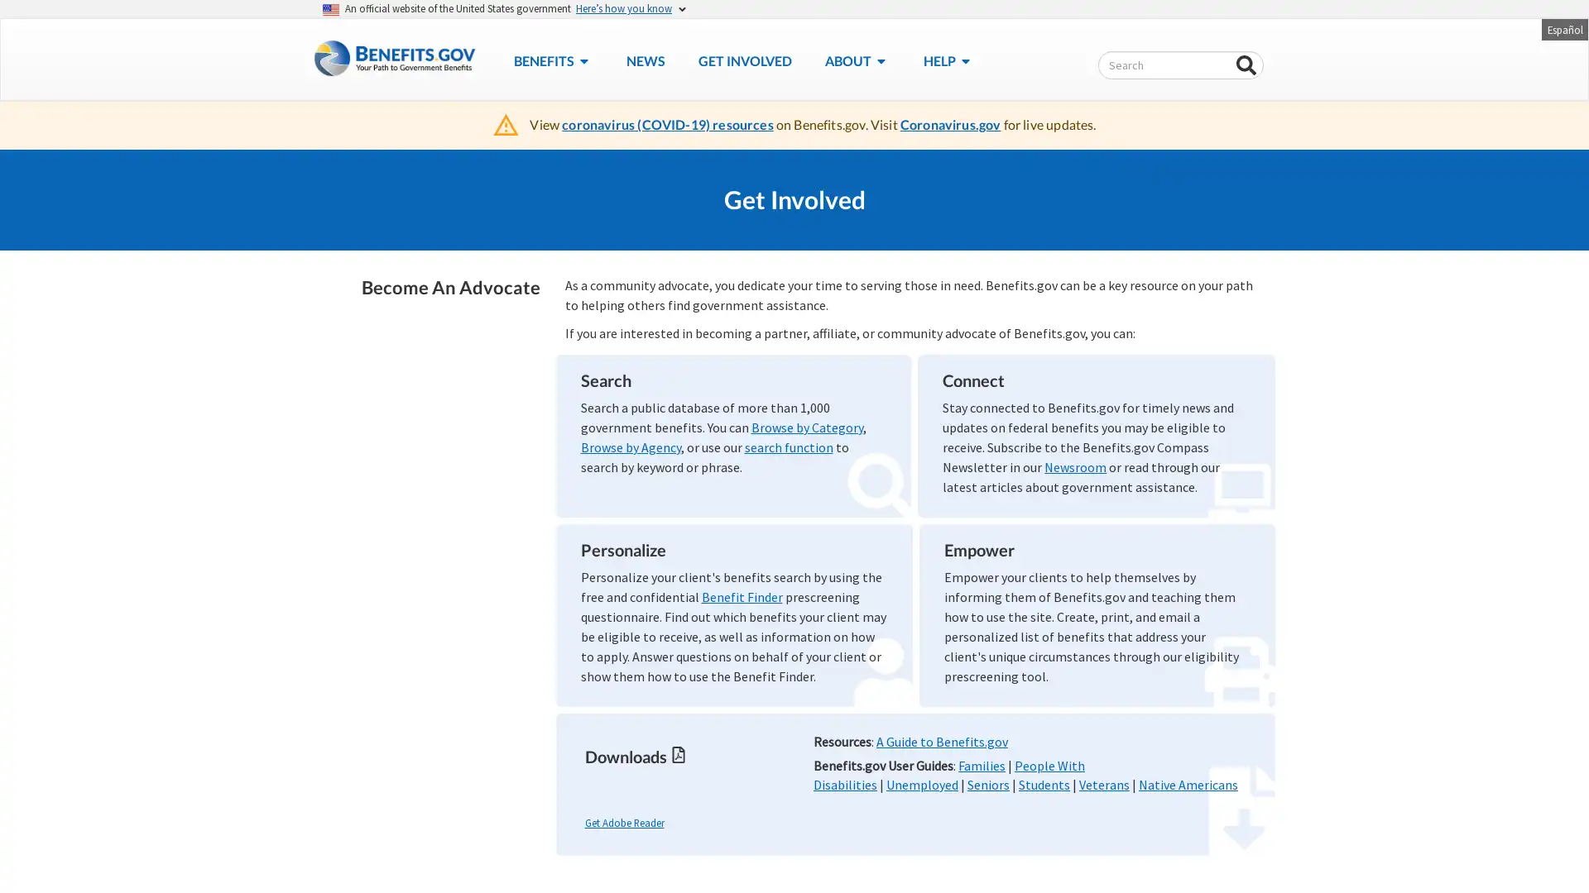 Image resolution: width=1589 pixels, height=893 pixels. What do you see at coordinates (743, 60) in the screenshot?
I see `GET INVOLVED` at bounding box center [743, 60].